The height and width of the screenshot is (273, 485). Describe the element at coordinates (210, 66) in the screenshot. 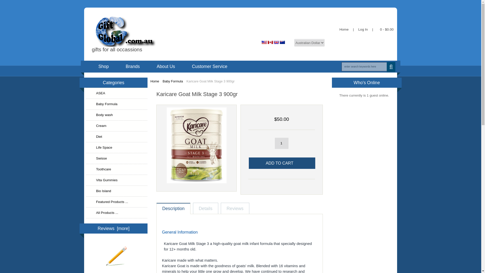

I see `'Customer Service'` at that location.